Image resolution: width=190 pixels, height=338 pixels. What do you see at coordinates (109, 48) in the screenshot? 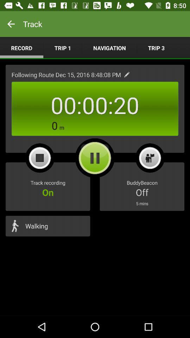
I see `the icon next to trip 3 item` at bounding box center [109, 48].